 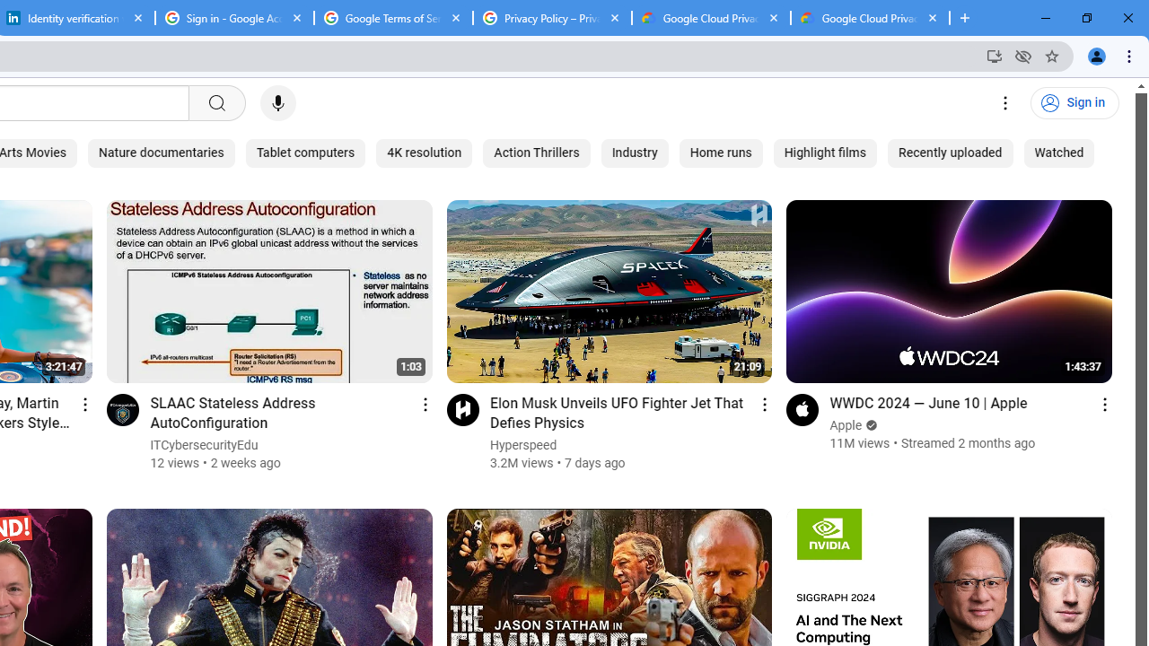 What do you see at coordinates (870, 425) in the screenshot?
I see `'Verified'` at bounding box center [870, 425].